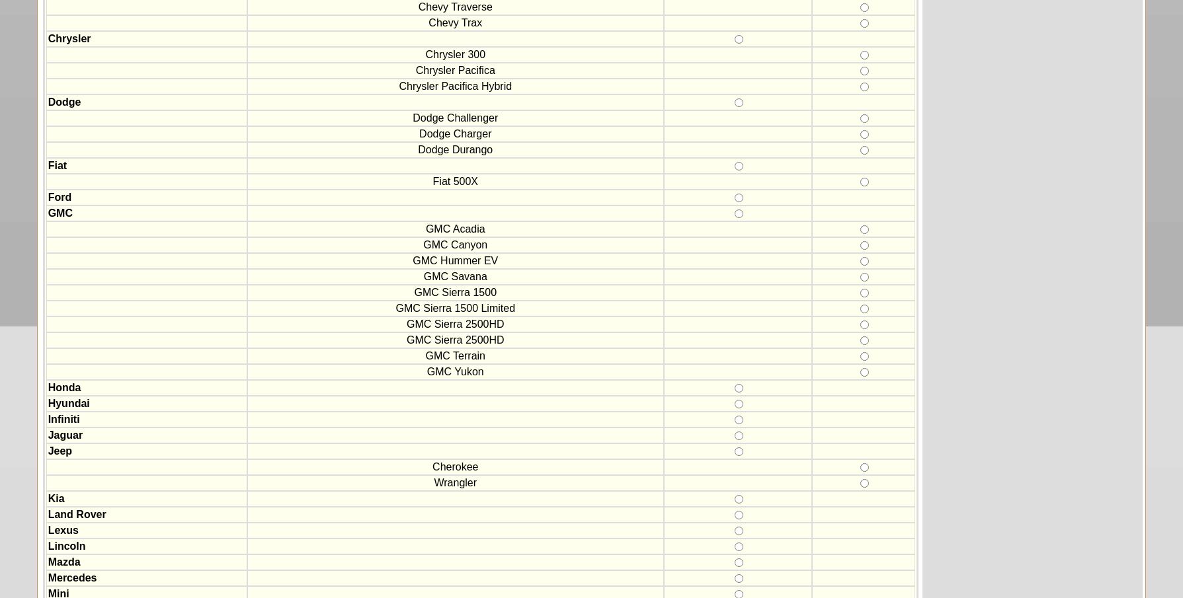 Image resolution: width=1183 pixels, height=598 pixels. I want to click on 'Mercedes', so click(71, 578).